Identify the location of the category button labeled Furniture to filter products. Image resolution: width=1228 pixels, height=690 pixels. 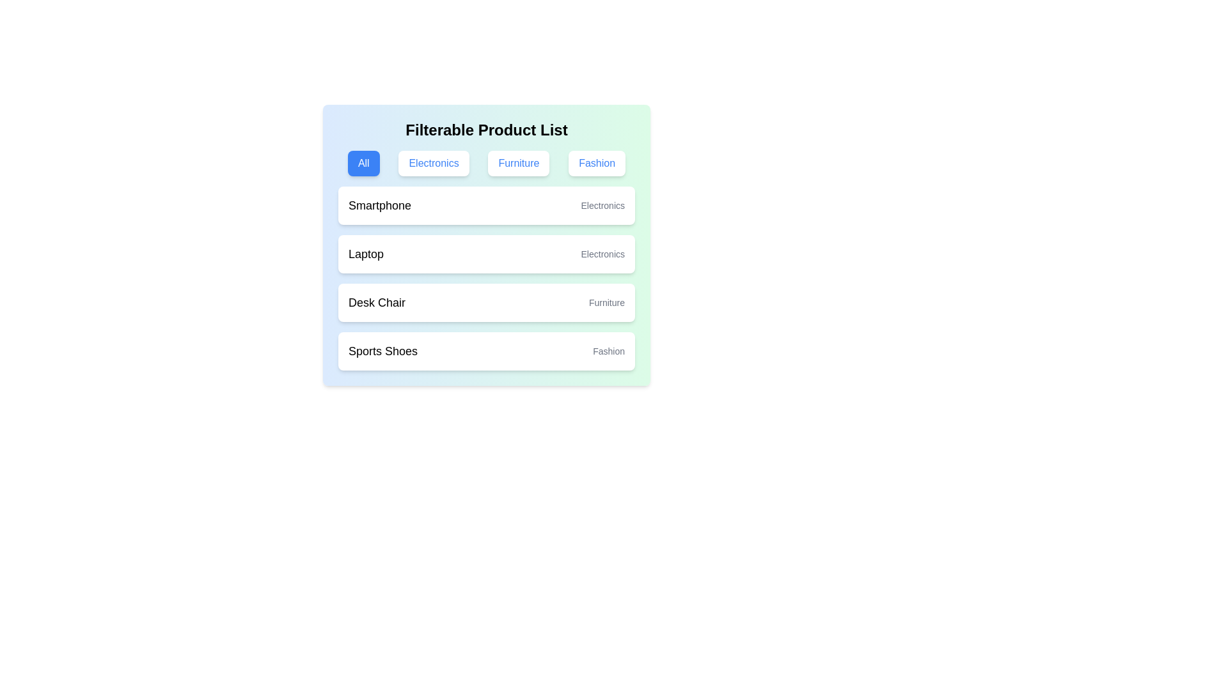
(519, 162).